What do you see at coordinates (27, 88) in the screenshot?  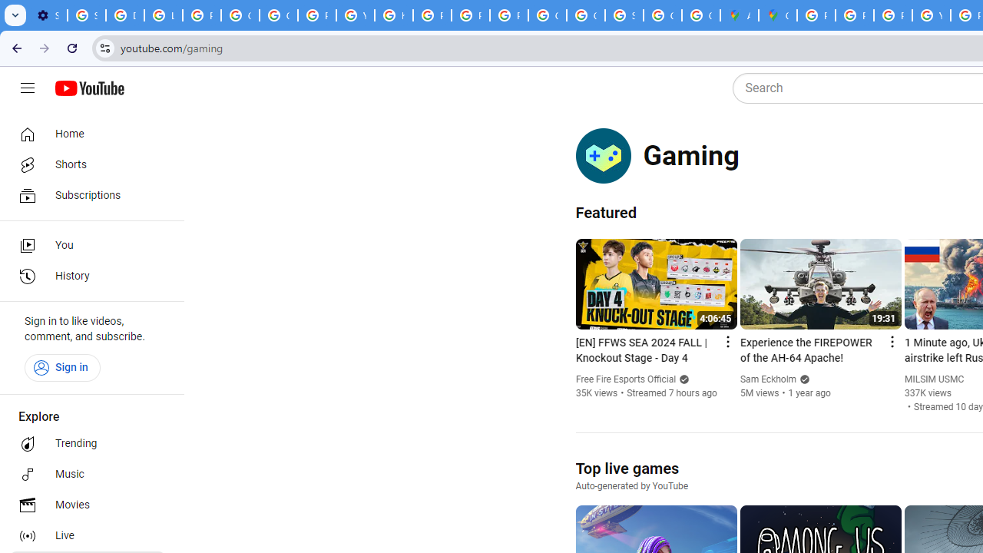 I see `'Guide'` at bounding box center [27, 88].